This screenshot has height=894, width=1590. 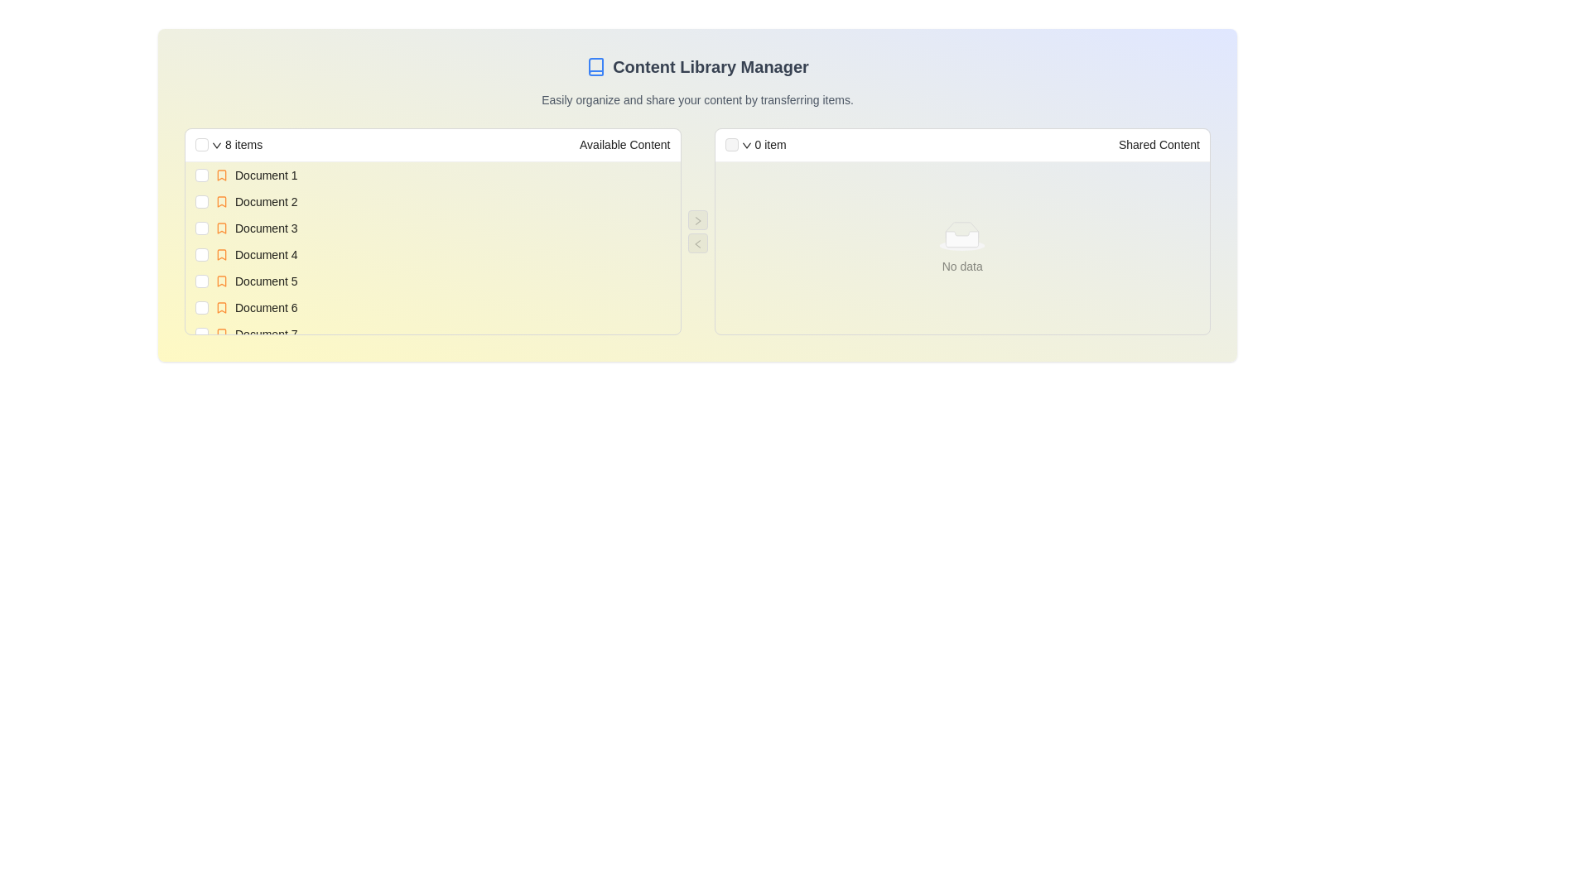 What do you see at coordinates (962, 229) in the screenshot?
I see `the stylized graphical decorative element that resembles a horizontal rectangle with a triangular cutout at the bottom center, located in the 'Shared Content' section of the 'Content Library Manager' interface` at bounding box center [962, 229].